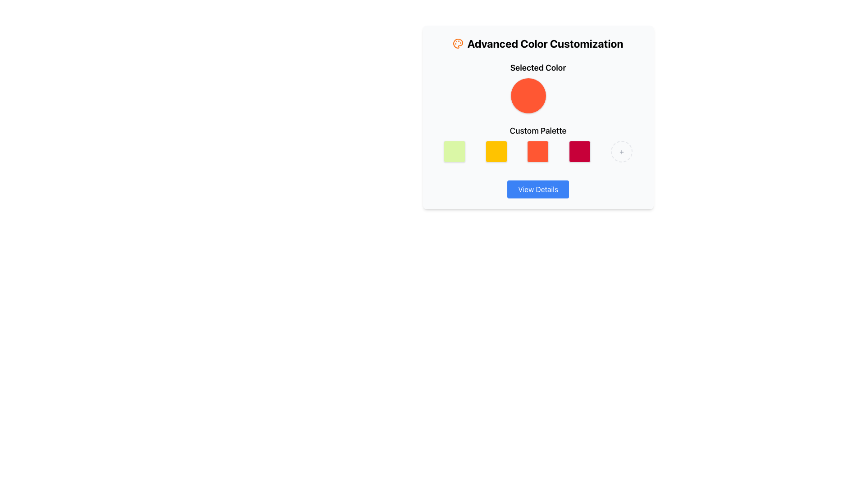 The image size is (865, 486). What do you see at coordinates (538, 189) in the screenshot?
I see `the button located at the bottom-center of the card in the 'Advanced Color Customization' section to initiate an action` at bounding box center [538, 189].